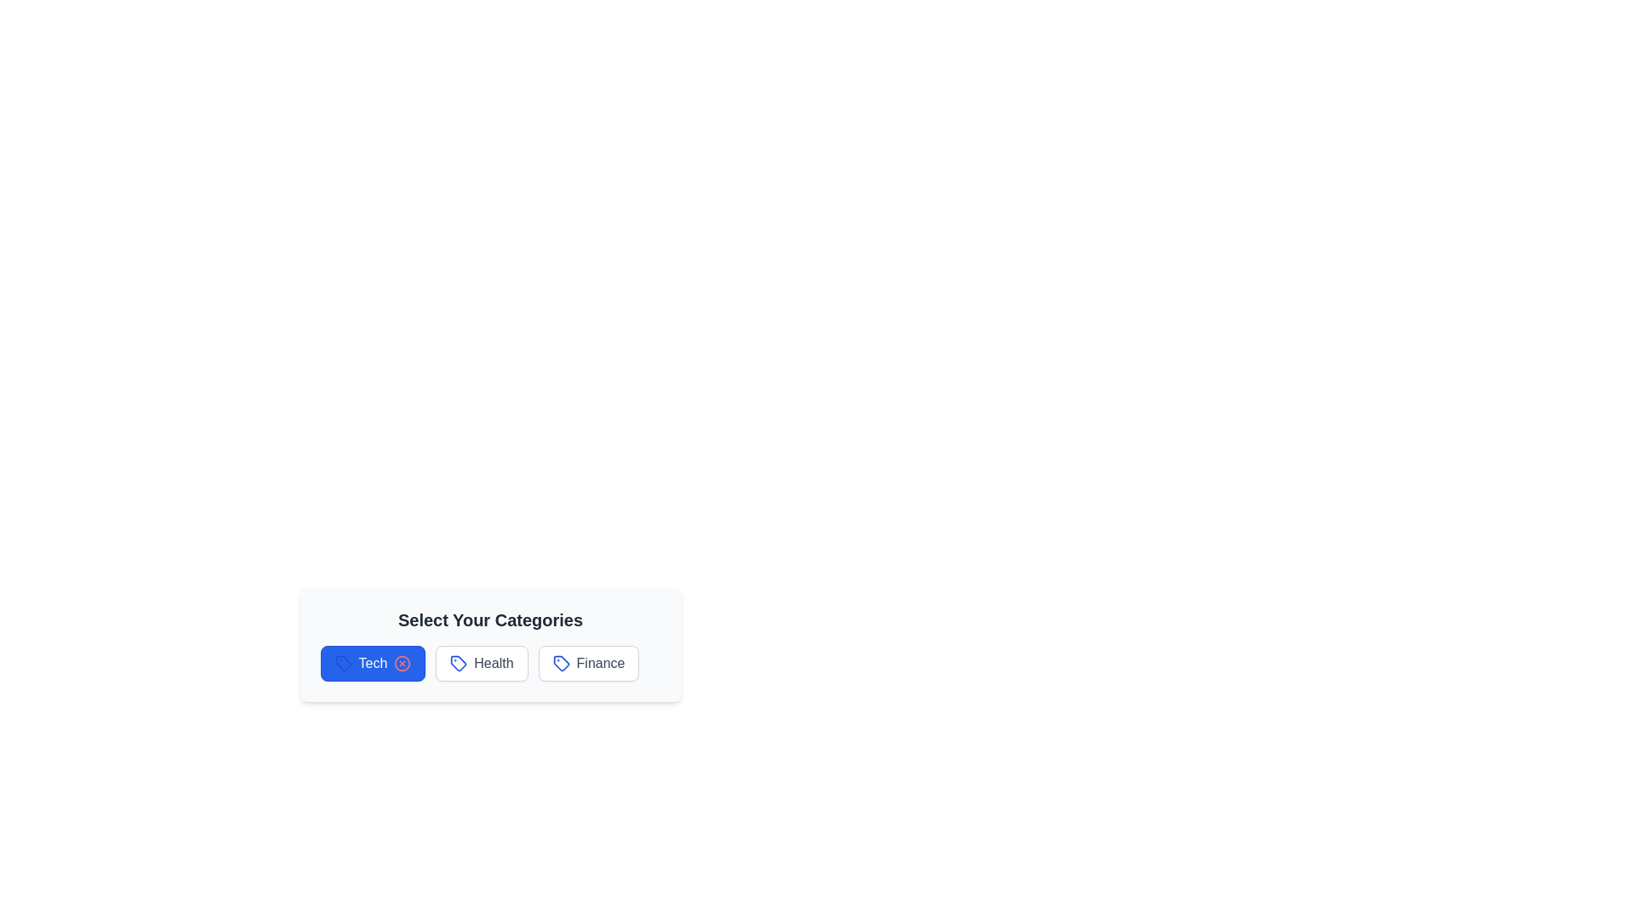 This screenshot has height=919, width=1634. What do you see at coordinates (371, 662) in the screenshot?
I see `the category Tech to visualize its hover effect` at bounding box center [371, 662].